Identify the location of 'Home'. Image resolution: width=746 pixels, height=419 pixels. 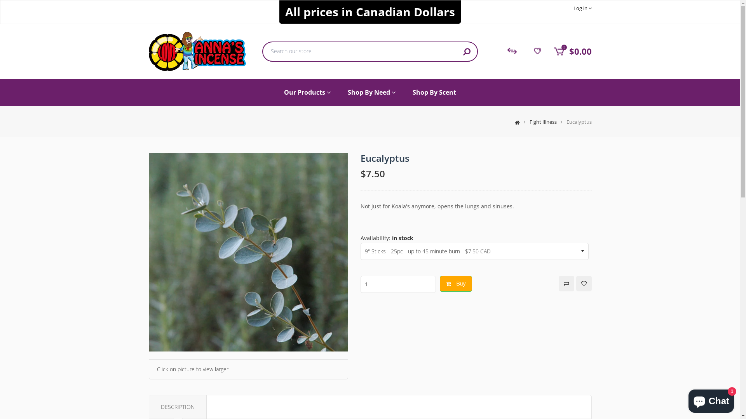
(507, 121).